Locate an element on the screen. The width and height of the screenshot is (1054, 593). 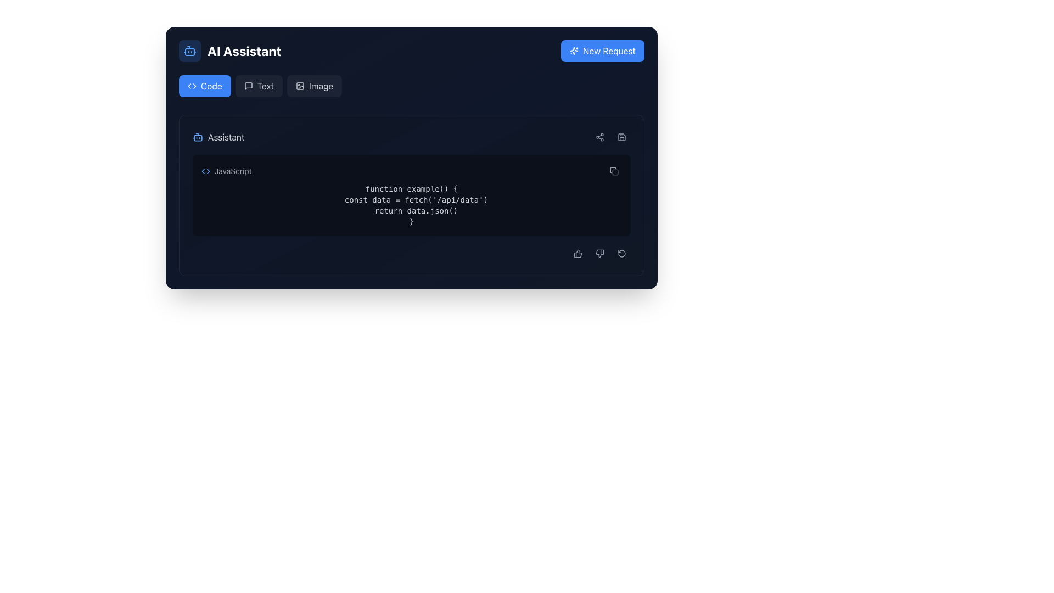
the 'New Request' button which contains a sparkles glyph icon on its left side is located at coordinates (573, 51).